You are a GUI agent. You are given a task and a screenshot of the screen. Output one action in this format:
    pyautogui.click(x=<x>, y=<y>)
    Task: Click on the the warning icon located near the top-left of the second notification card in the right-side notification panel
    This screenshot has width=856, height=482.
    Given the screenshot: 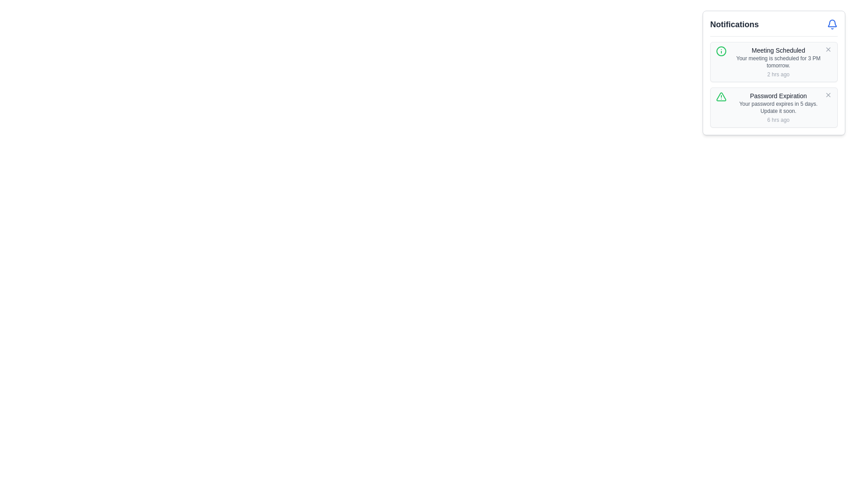 What is the action you would take?
    pyautogui.click(x=721, y=96)
    